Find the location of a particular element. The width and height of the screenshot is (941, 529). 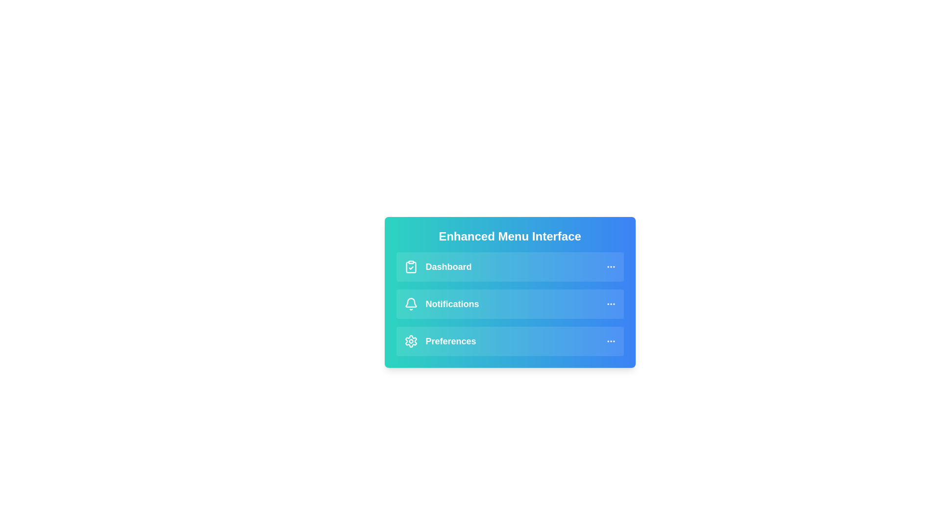

the clipboard icon adjacent to the 'Dashboard' text label in the Enhanced Menu Interface, which is represented with a white outline against a blue-green gradient background is located at coordinates (411, 267).